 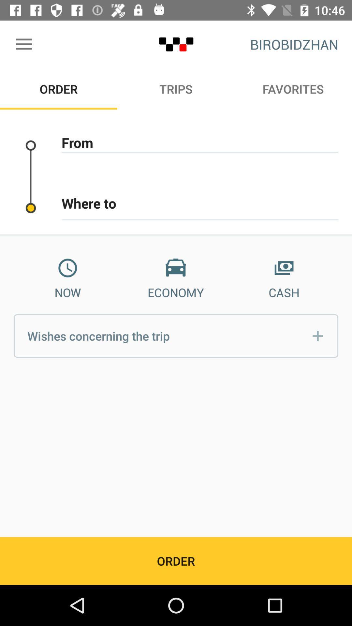 What do you see at coordinates (294, 44) in the screenshot?
I see `the birobidzhan icon` at bounding box center [294, 44].